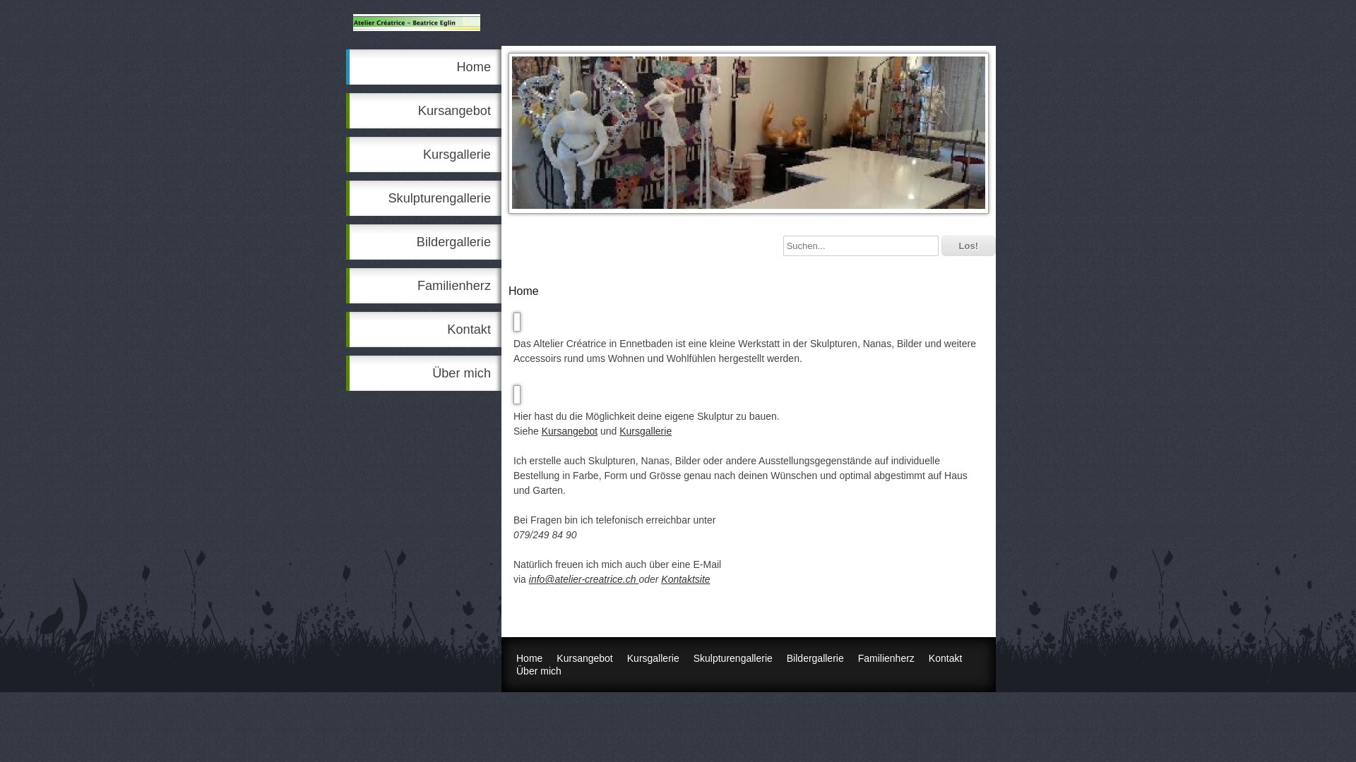 Image resolution: width=1356 pixels, height=762 pixels. Describe the element at coordinates (423, 155) in the screenshot. I see `'Kursgallerie'` at that location.